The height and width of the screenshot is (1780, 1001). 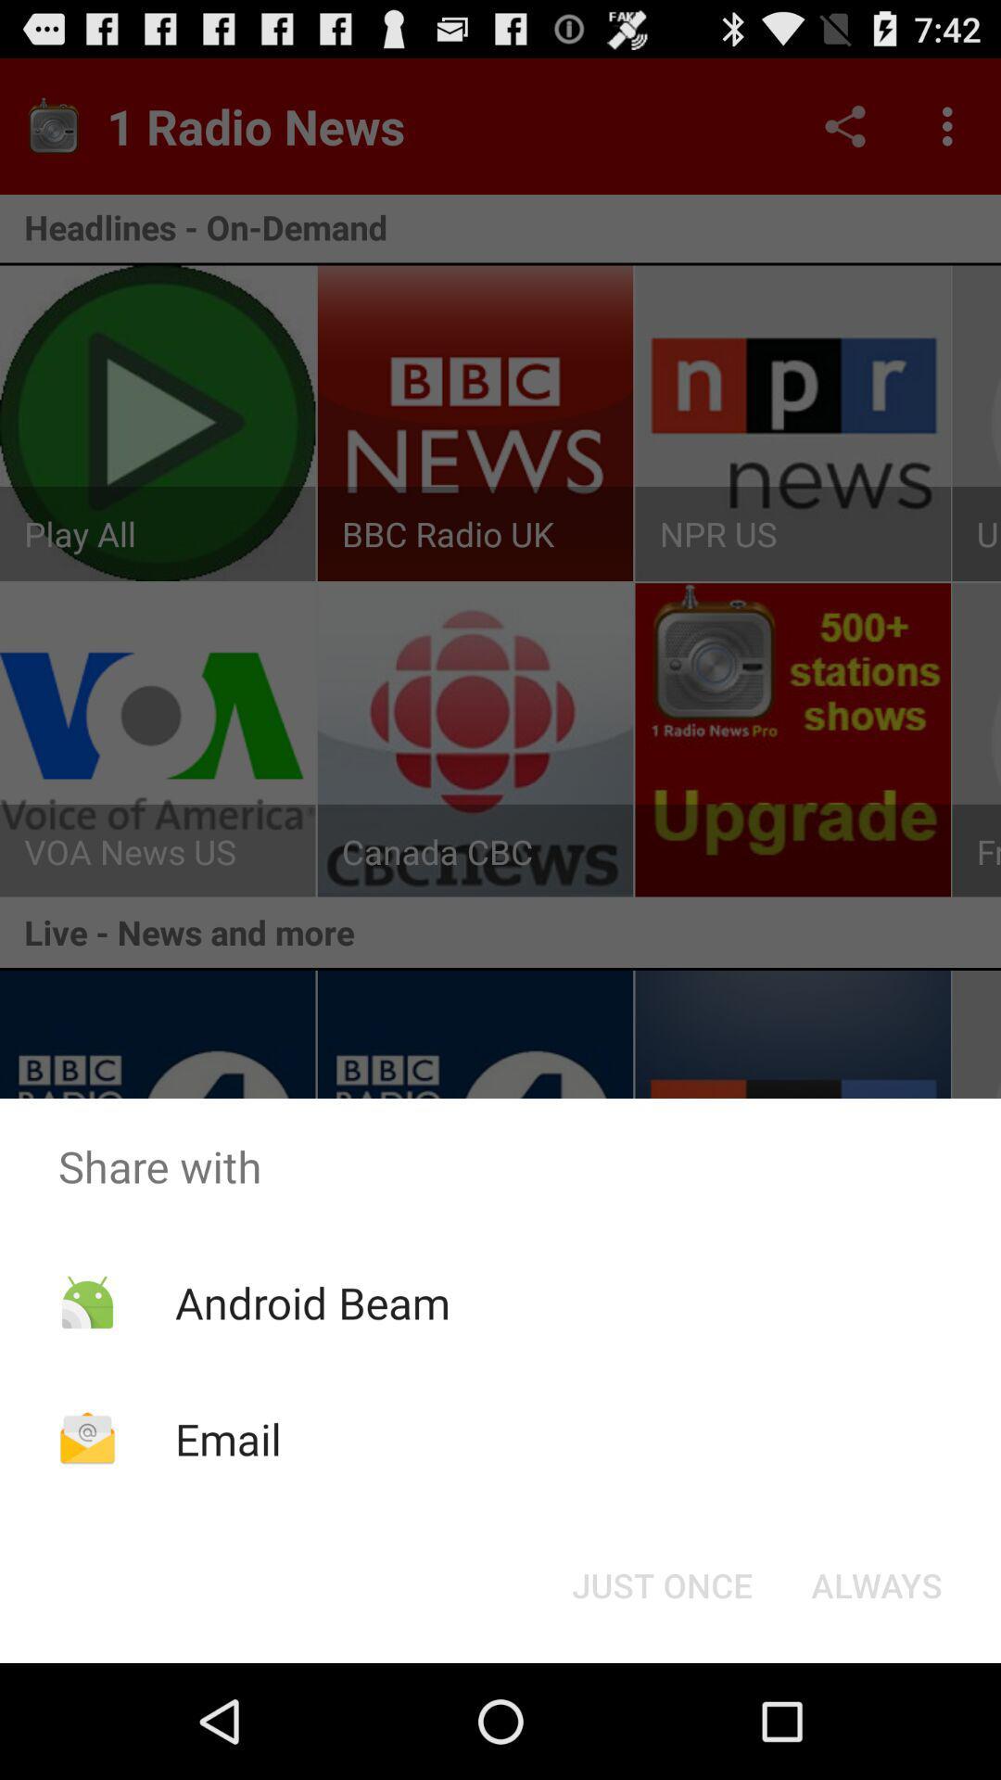 What do you see at coordinates (661, 1583) in the screenshot?
I see `just once` at bounding box center [661, 1583].